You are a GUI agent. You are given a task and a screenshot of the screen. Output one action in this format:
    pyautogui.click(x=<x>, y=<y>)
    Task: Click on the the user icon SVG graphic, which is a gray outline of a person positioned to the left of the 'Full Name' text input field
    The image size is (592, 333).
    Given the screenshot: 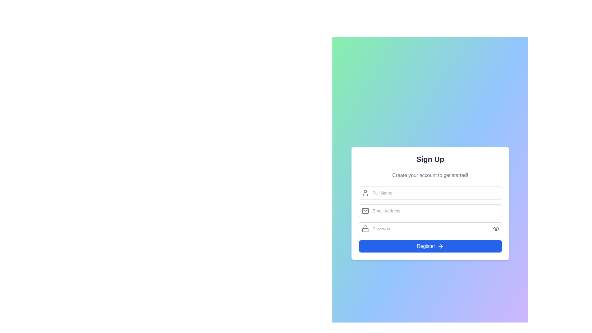 What is the action you would take?
    pyautogui.click(x=365, y=192)
    